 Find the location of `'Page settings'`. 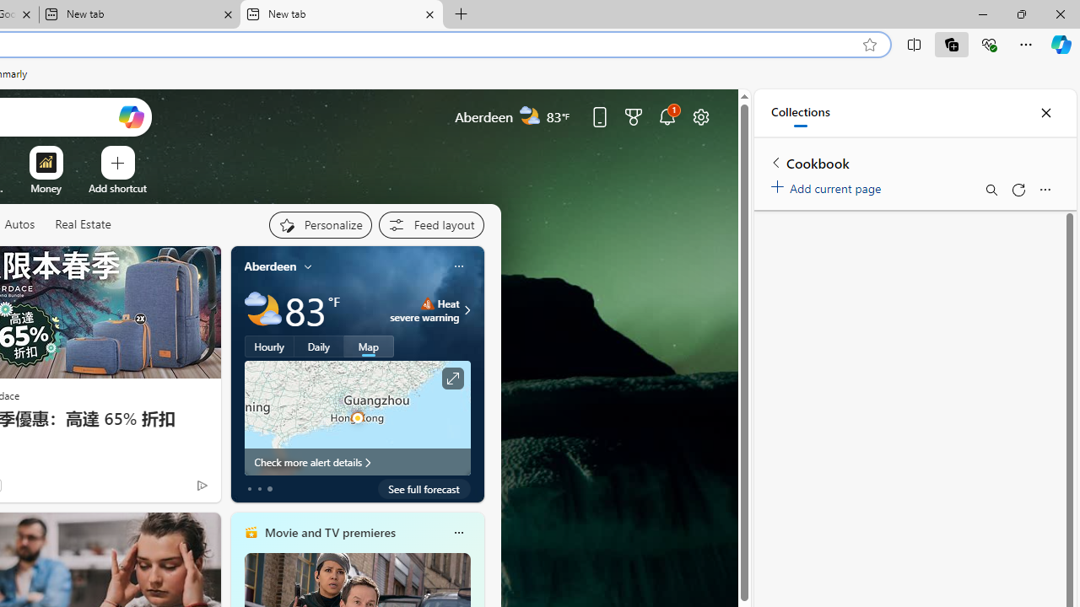

'Page settings' is located at coordinates (701, 115).